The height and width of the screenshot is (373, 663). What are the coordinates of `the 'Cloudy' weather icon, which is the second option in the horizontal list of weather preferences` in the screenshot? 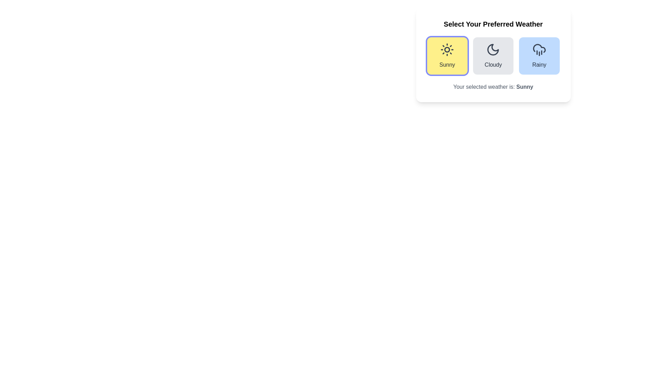 It's located at (493, 49).